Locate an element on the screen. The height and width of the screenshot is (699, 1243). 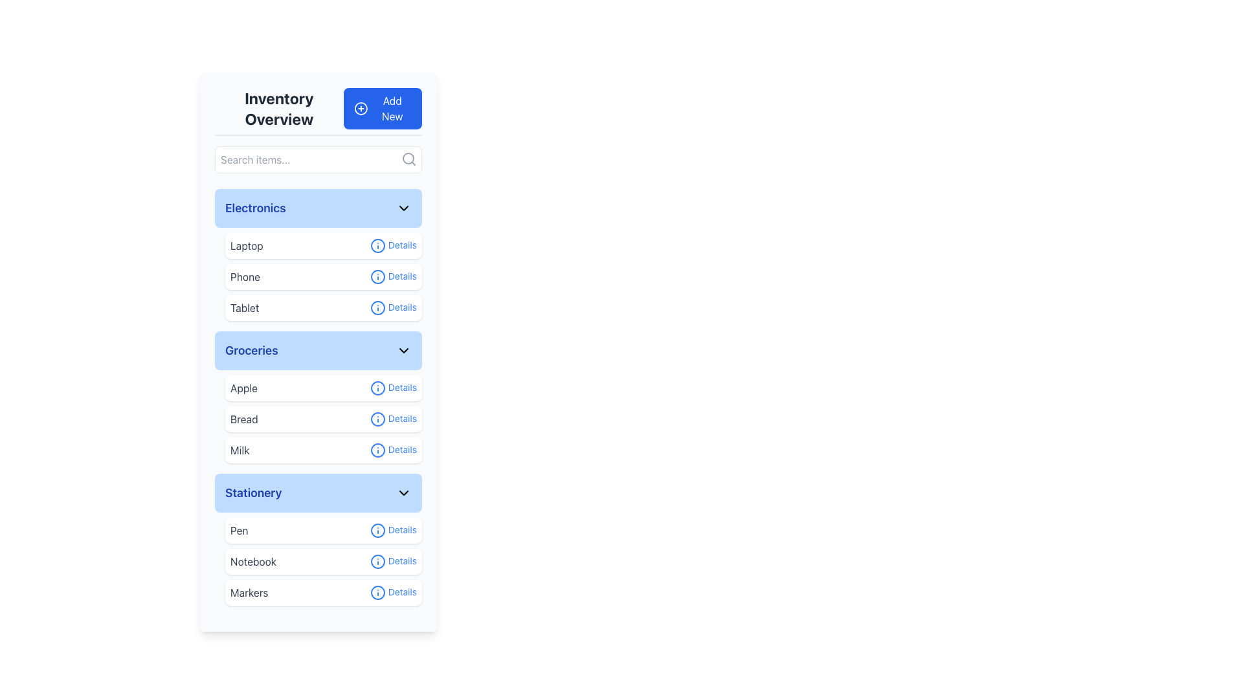
the information icon next to the word 'Details' in the 'Groceries' section is located at coordinates (377, 388).